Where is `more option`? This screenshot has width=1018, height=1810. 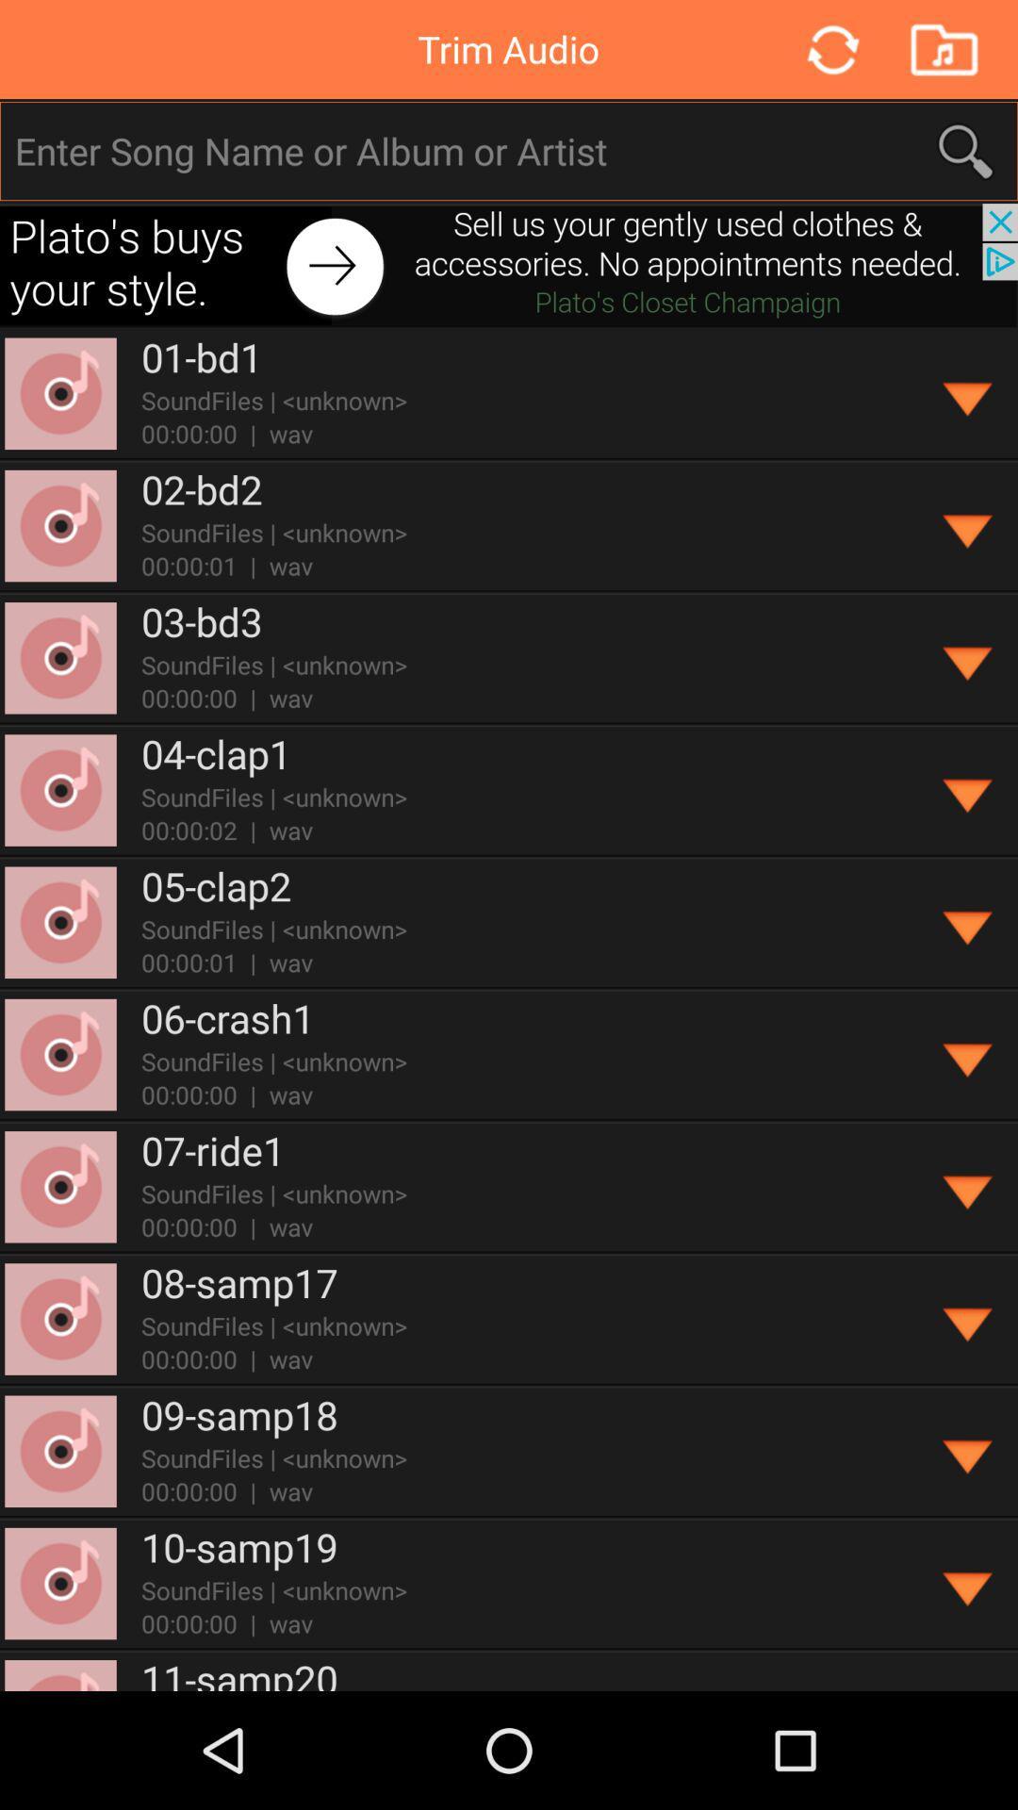
more option is located at coordinates (968, 393).